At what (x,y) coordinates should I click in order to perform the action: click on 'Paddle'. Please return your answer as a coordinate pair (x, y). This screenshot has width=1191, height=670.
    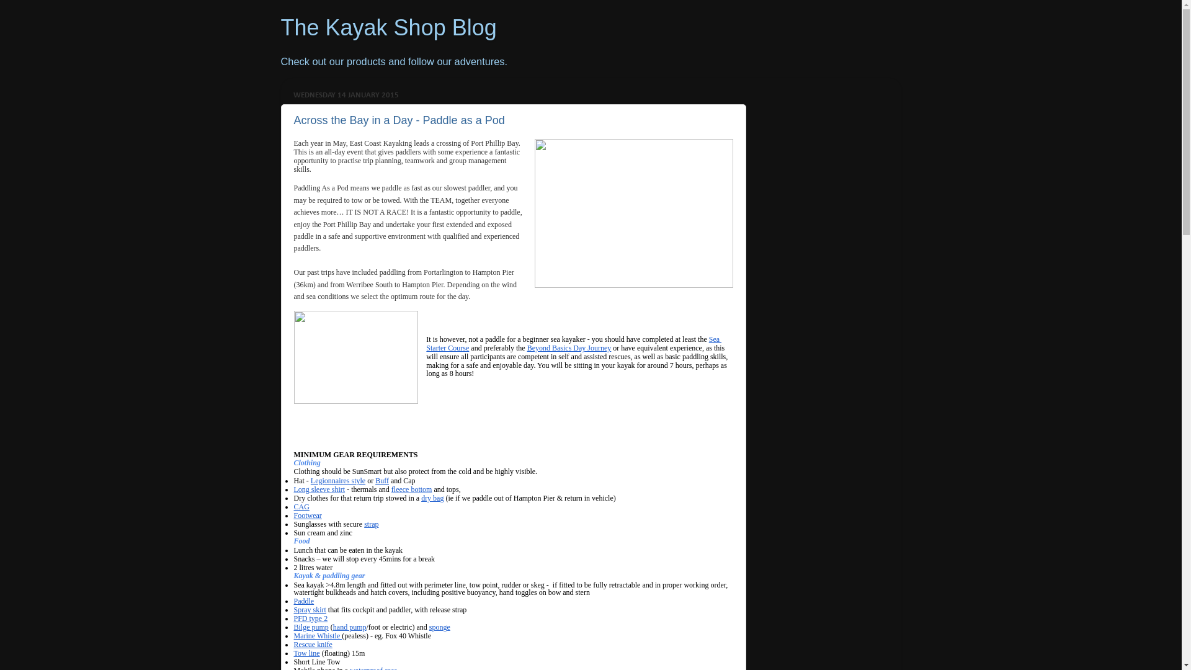
    Looking at the image, I should click on (293, 600).